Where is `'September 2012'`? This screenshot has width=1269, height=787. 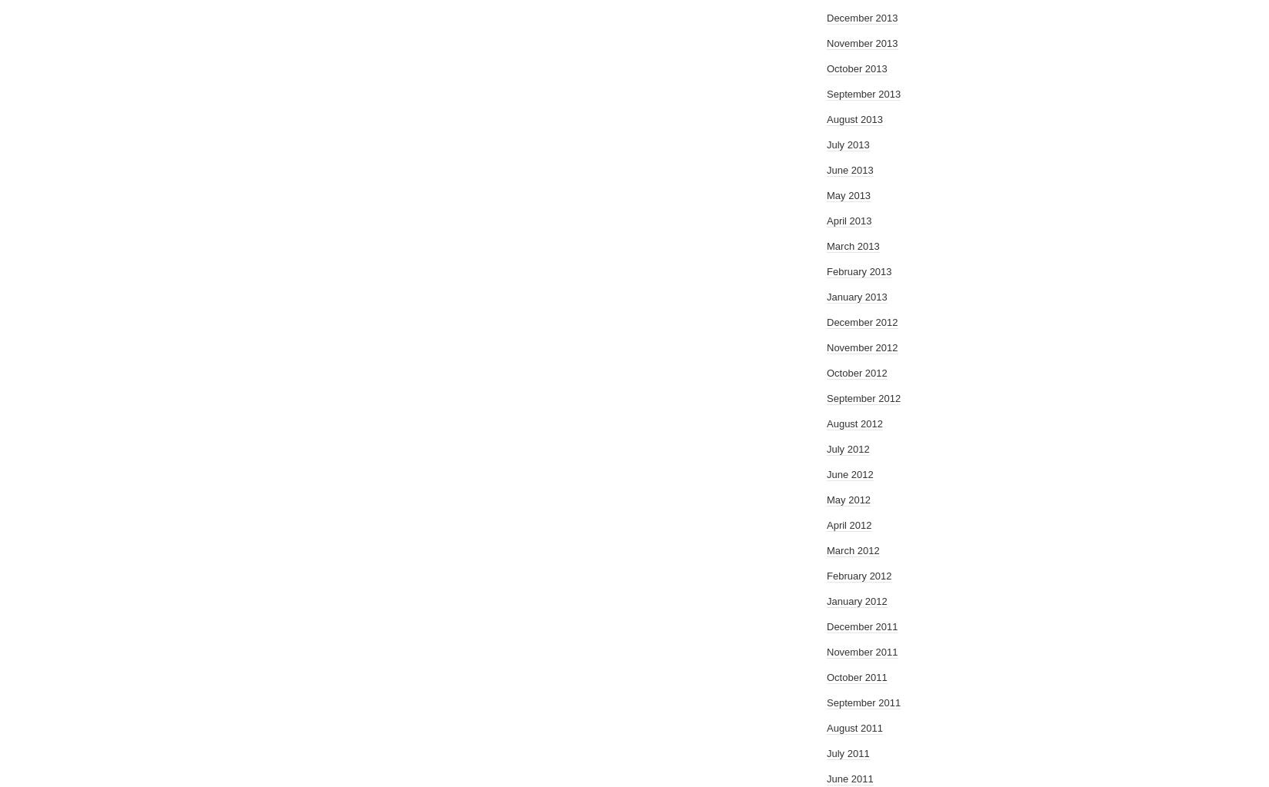 'September 2012' is located at coordinates (863, 398).